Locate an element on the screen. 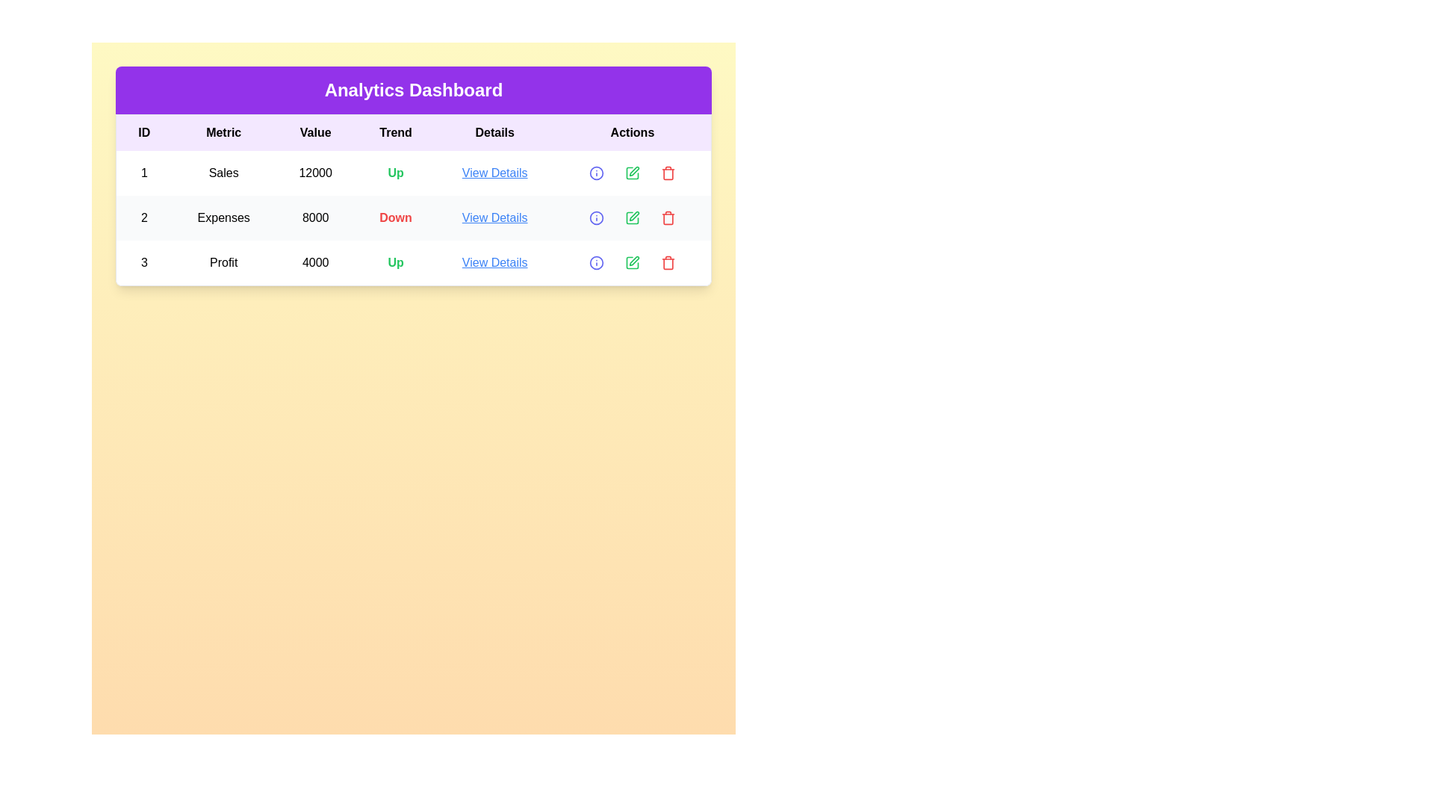 This screenshot has height=807, width=1434. the Table Cell element displaying the numerical identifier '3' located in the leftmost column of the third row of the data table is located at coordinates (144, 262).